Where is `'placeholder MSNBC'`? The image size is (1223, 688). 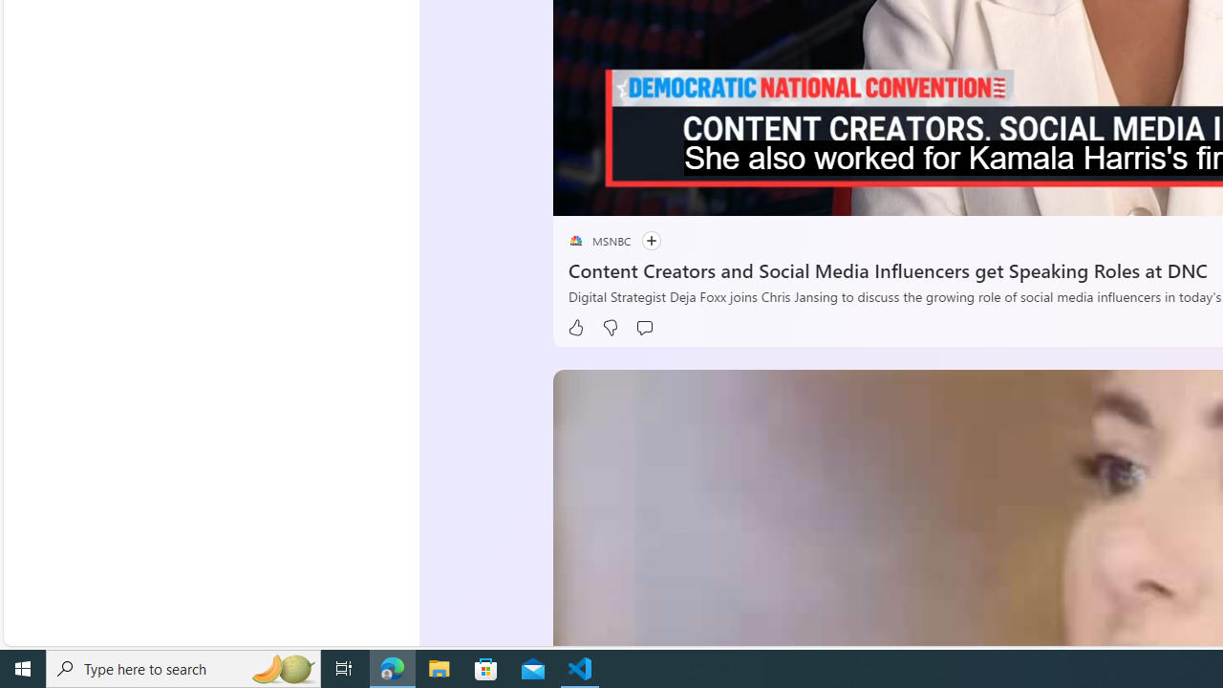 'placeholder MSNBC' is located at coordinates (598, 240).